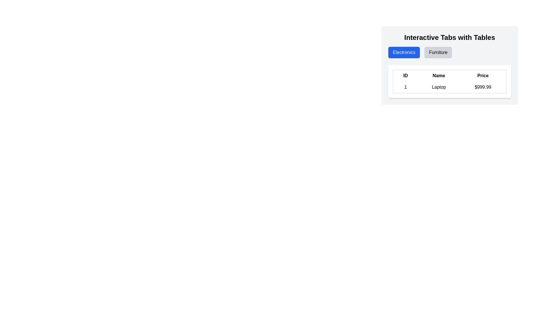 The image size is (551, 310). What do you see at coordinates (449, 87) in the screenshot?
I see `the first row in the table displaying the ID, name, and price of an item` at bounding box center [449, 87].